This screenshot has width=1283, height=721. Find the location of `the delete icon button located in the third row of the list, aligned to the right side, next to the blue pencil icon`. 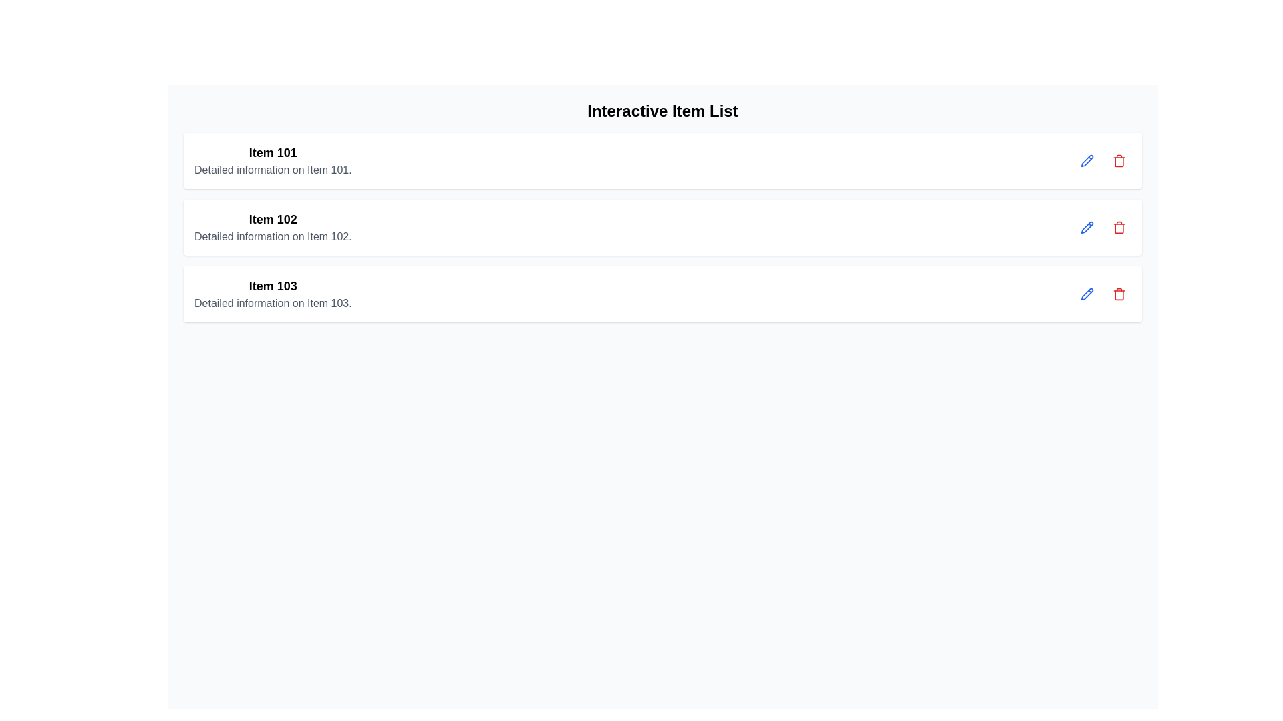

the delete icon button located in the third row of the list, aligned to the right side, next to the blue pencil icon is located at coordinates (1119, 226).